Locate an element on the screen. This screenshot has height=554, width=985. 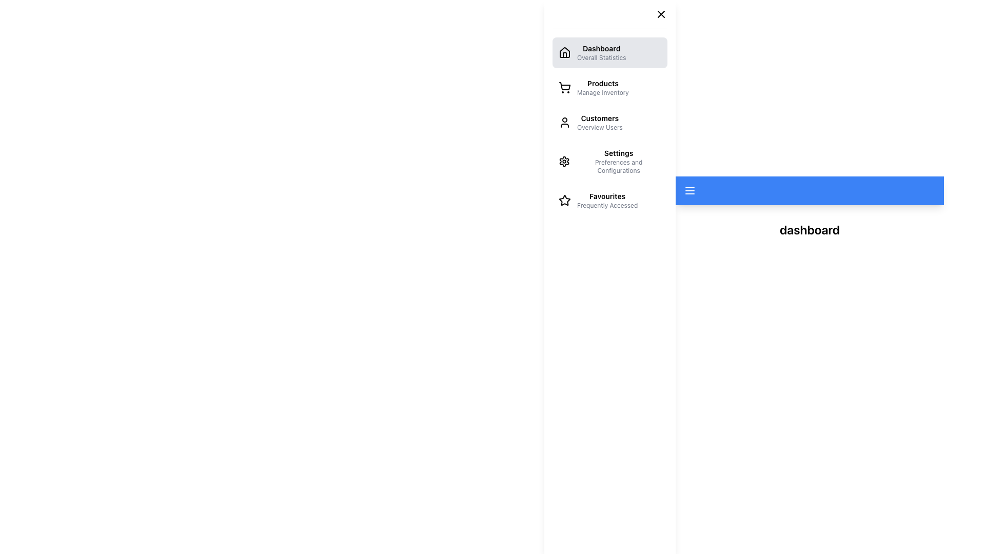
the 'Customers' navigation menu item, which features a user icon and the subtitle 'Overview Users' is located at coordinates (610, 122).